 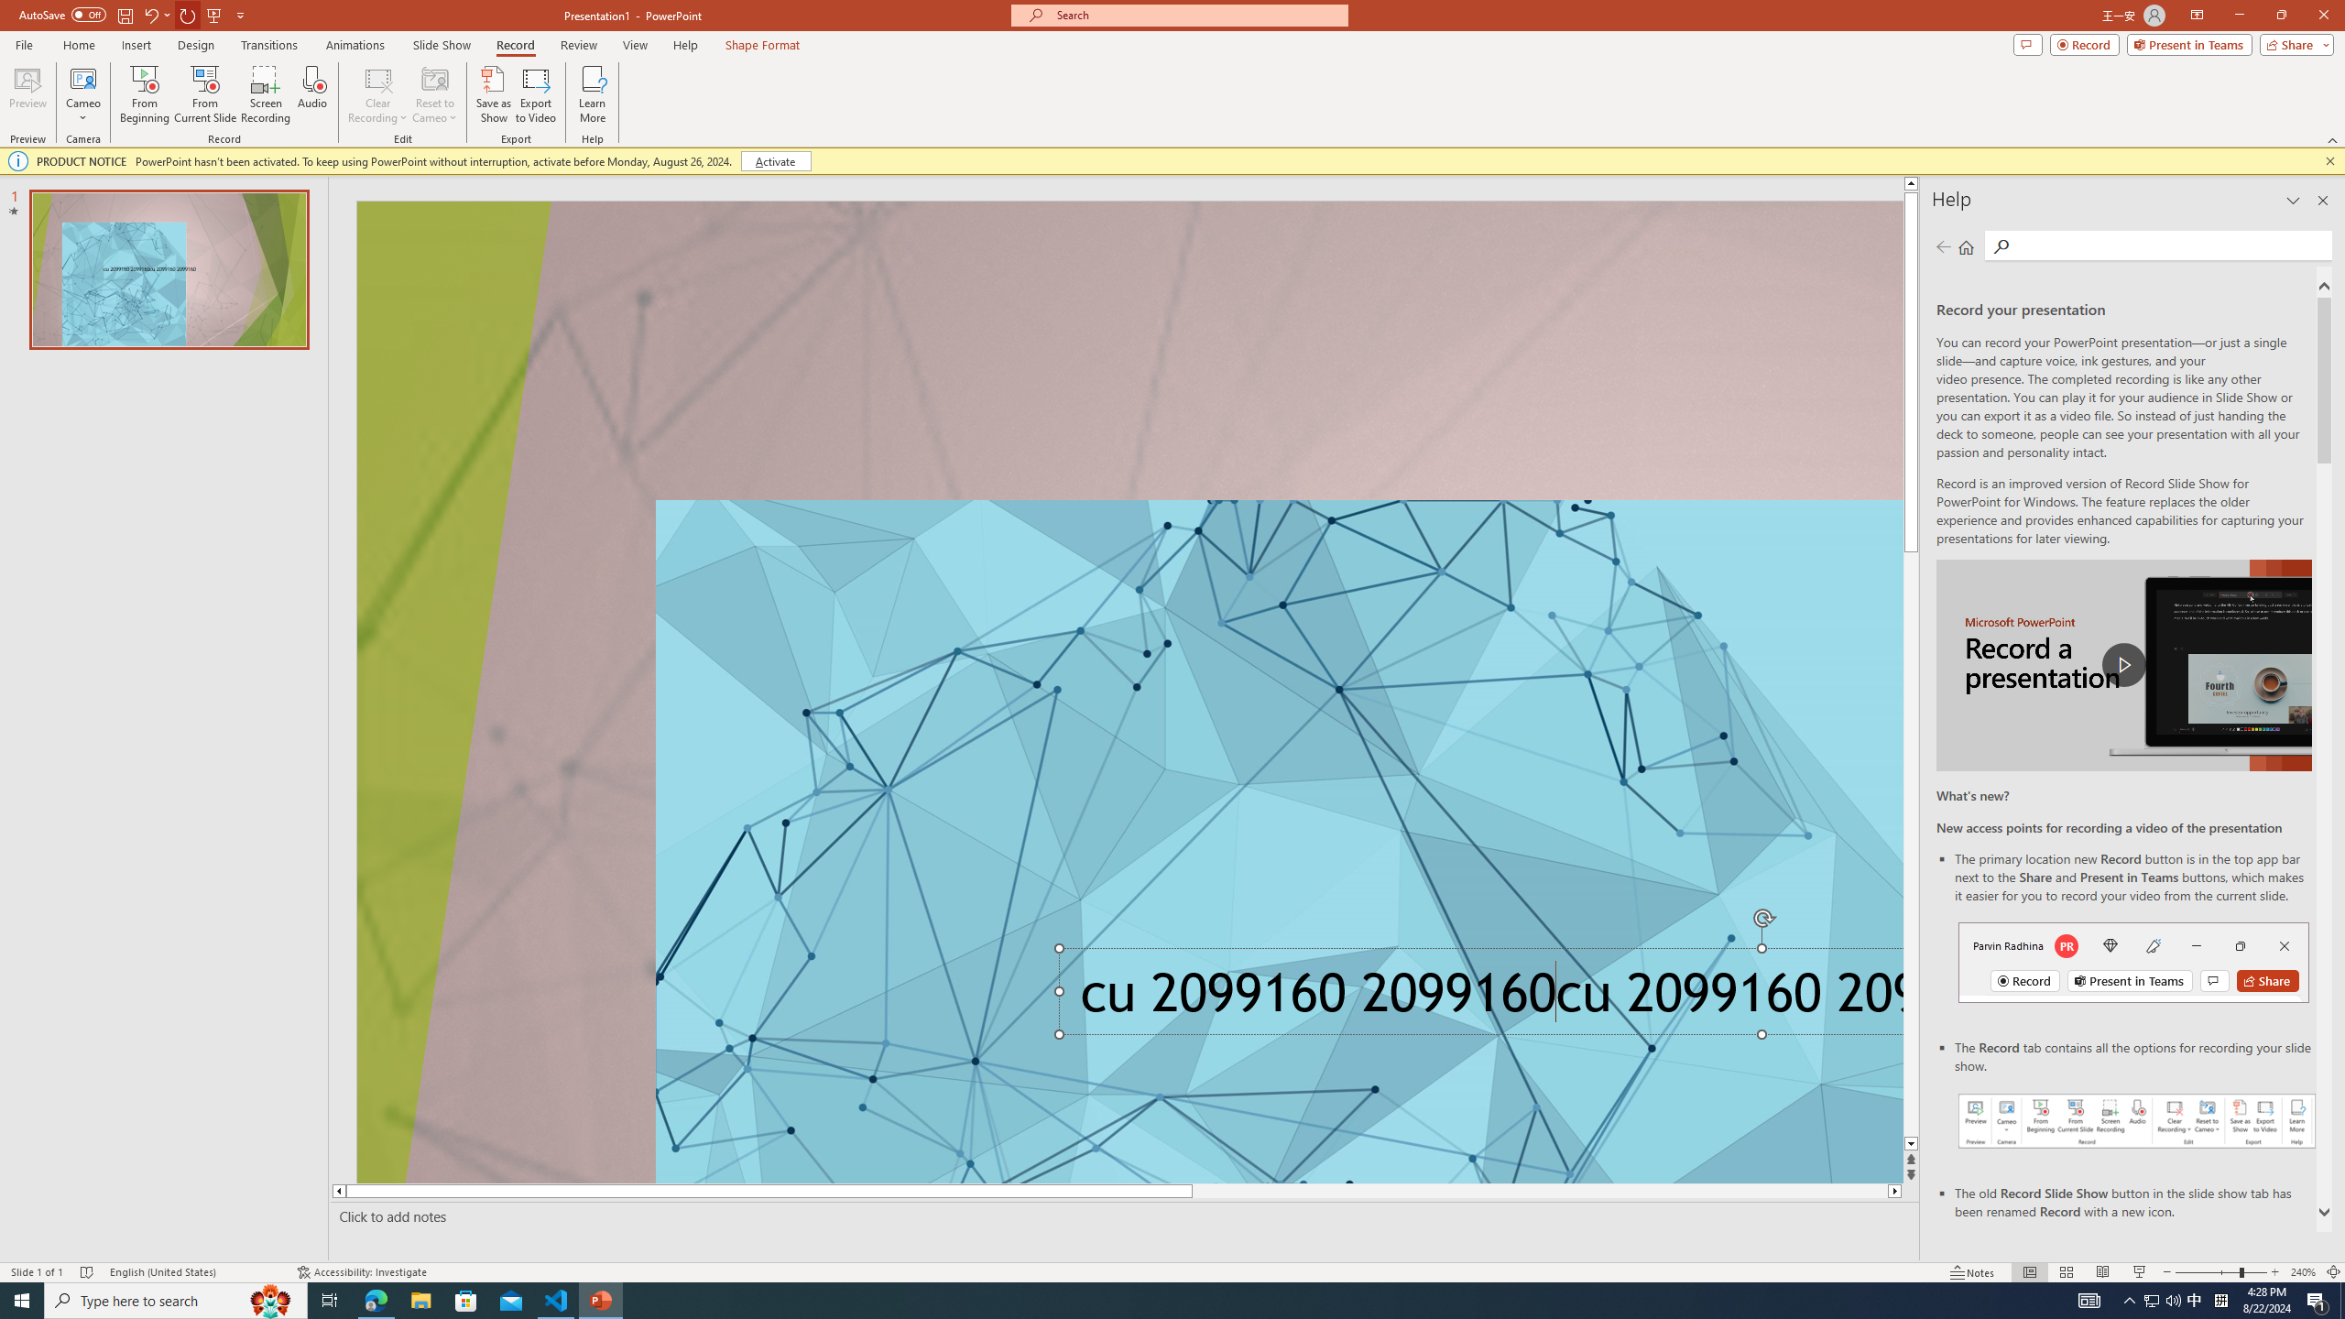 What do you see at coordinates (776, 161) in the screenshot?
I see `'Activate'` at bounding box center [776, 161].